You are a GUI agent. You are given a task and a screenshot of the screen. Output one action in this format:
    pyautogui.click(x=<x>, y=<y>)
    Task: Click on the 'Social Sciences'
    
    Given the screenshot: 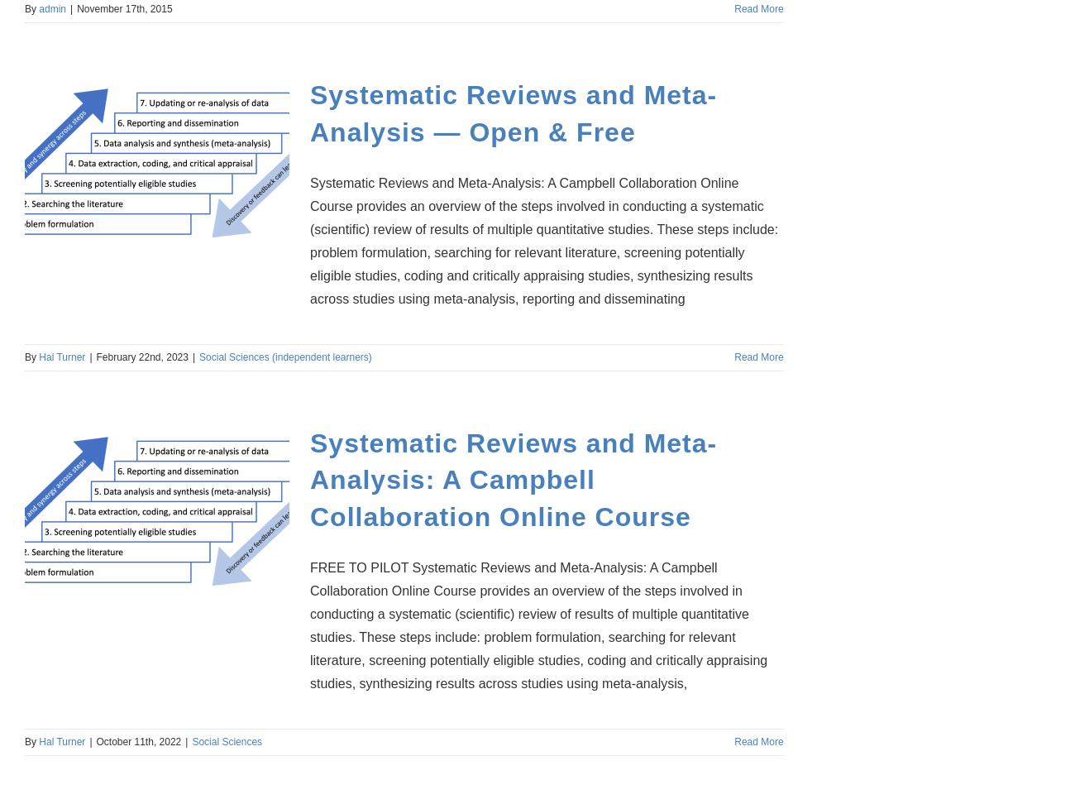 What is the action you would take?
    pyautogui.click(x=227, y=740)
    